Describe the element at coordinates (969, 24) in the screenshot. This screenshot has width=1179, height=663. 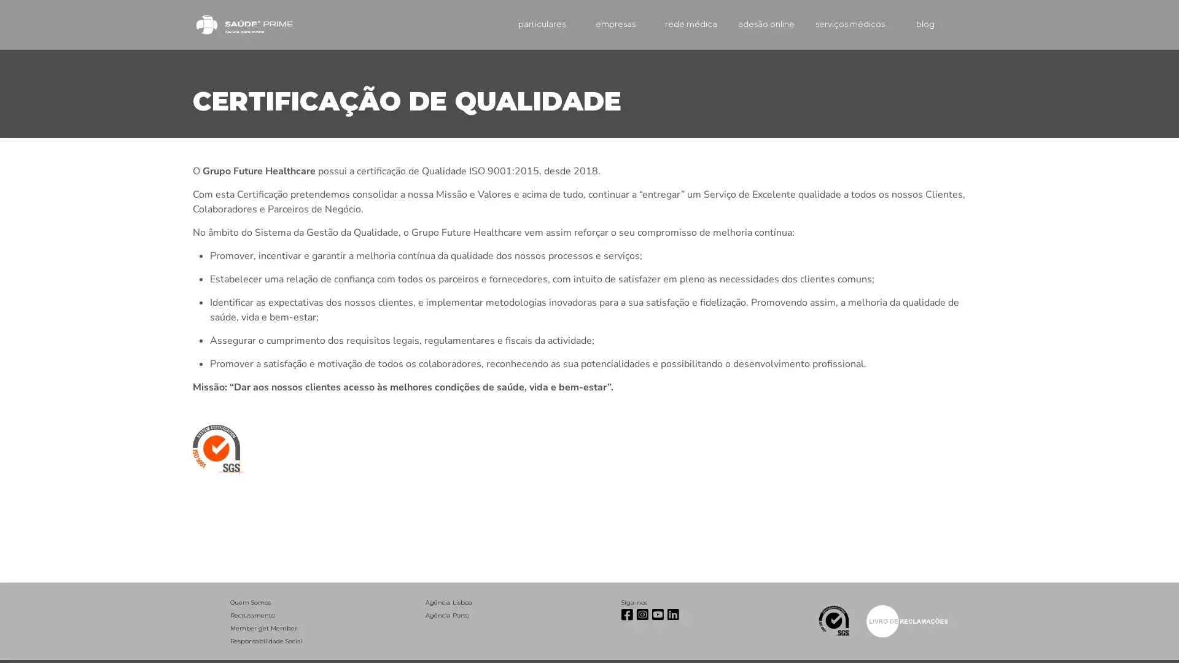
I see `Areas Privadas` at that location.